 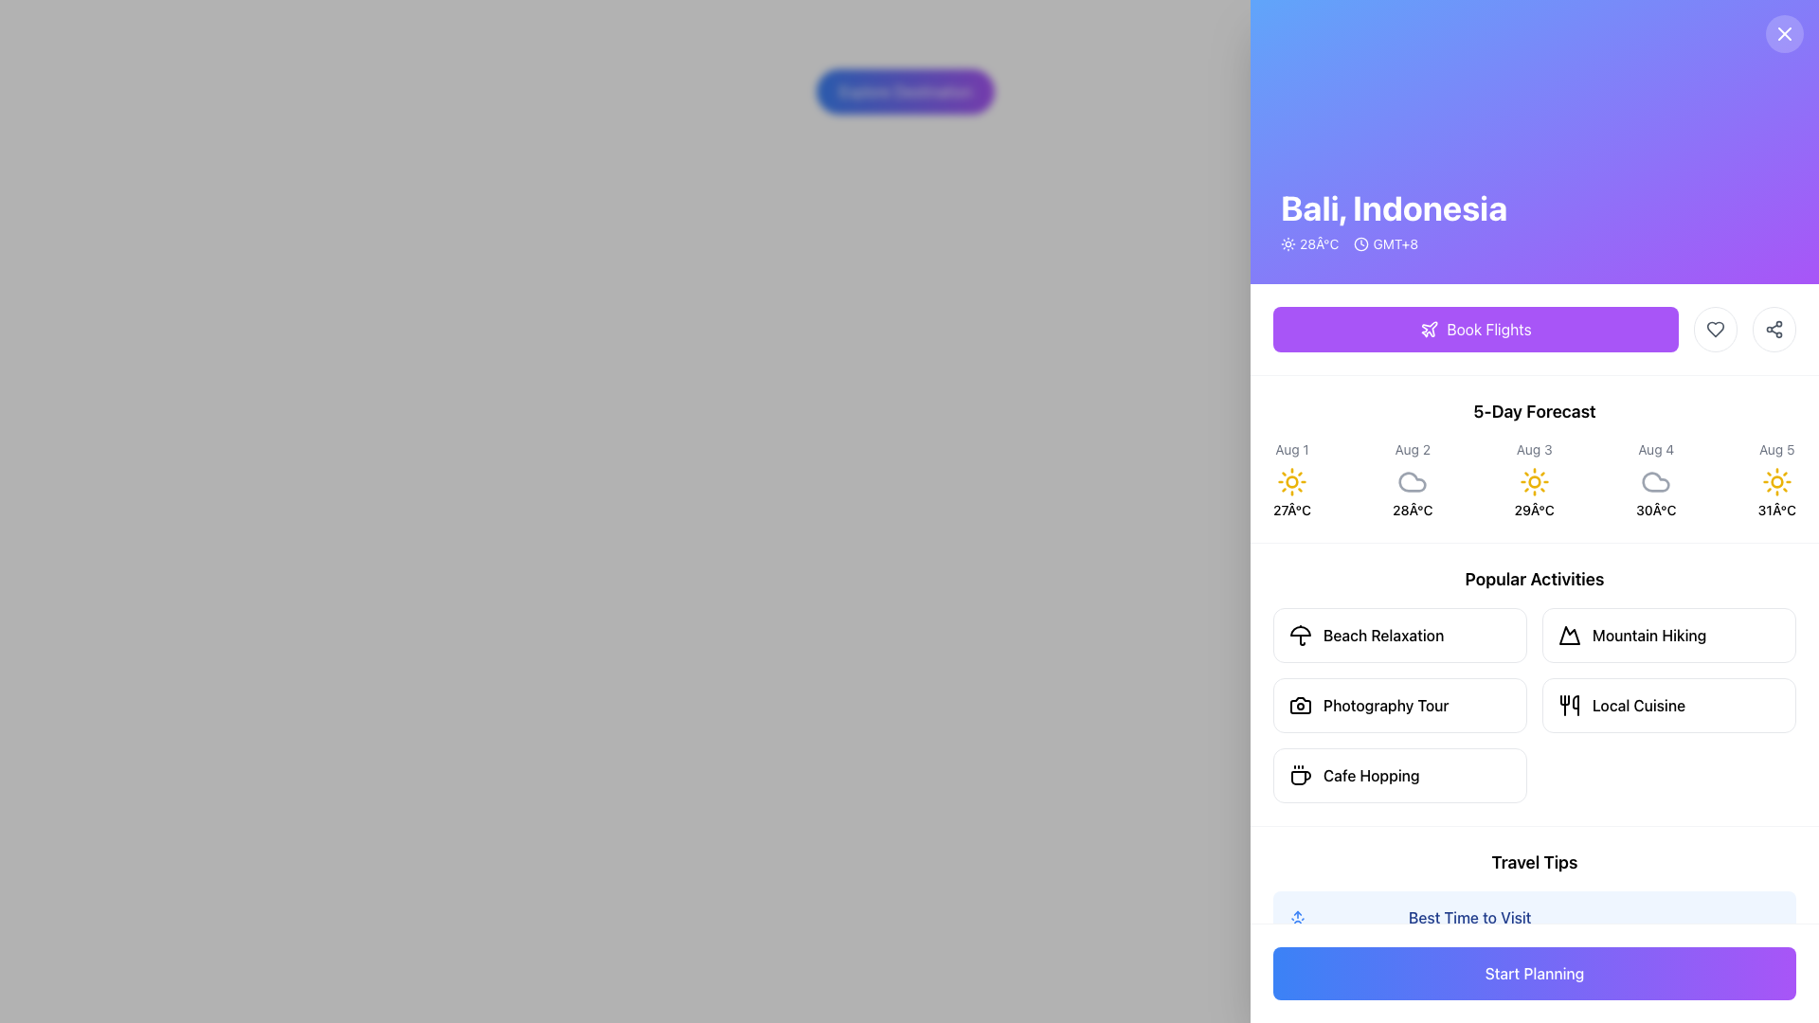 What do you see at coordinates (1394, 207) in the screenshot?
I see `the text display element that shows 'Bali, Indonesia', which is styled in a large bold font against a gradient purple background` at bounding box center [1394, 207].